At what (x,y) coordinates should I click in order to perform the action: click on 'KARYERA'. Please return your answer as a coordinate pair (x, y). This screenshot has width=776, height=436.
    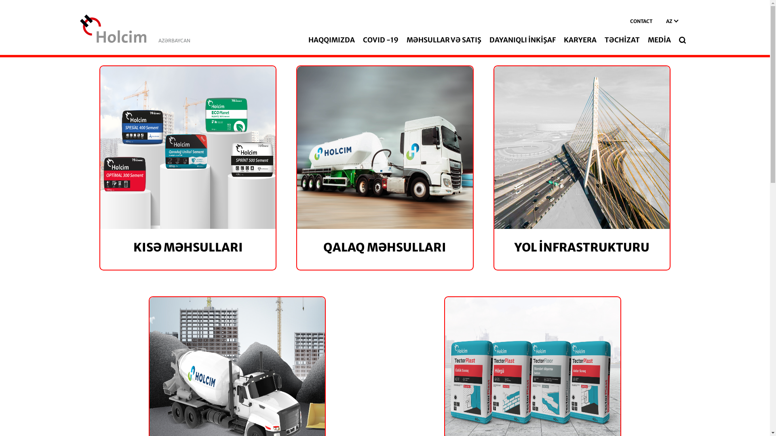
    Looking at the image, I should click on (580, 40).